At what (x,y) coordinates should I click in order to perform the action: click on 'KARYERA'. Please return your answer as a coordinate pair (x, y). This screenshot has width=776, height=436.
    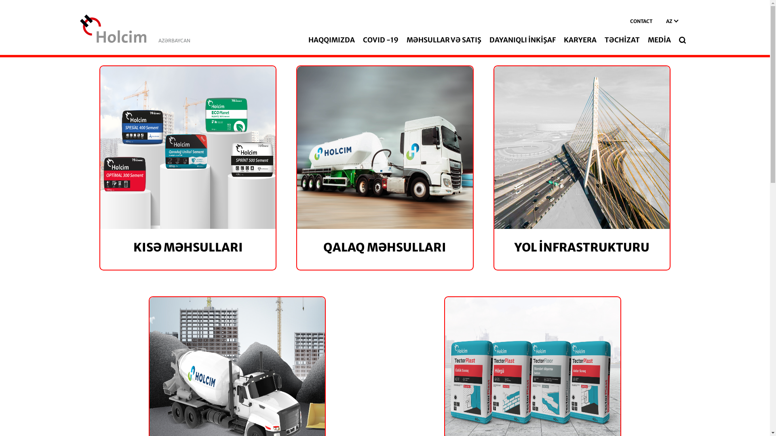
    Looking at the image, I should click on (580, 40).